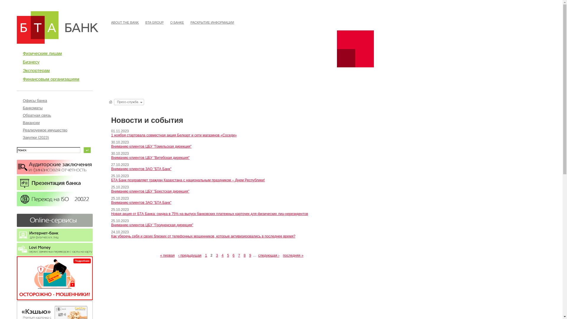 The image size is (567, 319). Describe the element at coordinates (228, 255) in the screenshot. I see `'5'` at that location.